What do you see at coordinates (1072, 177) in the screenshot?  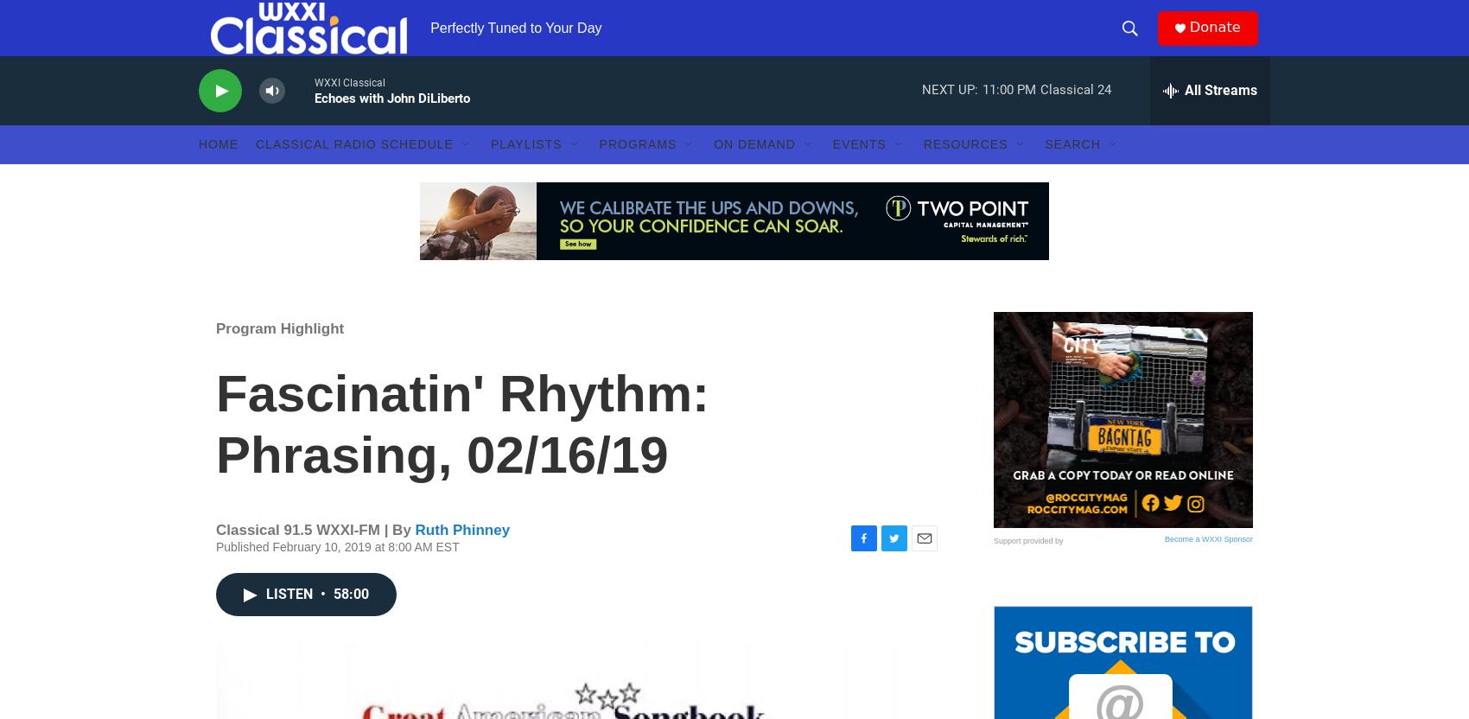 I see `'Search'` at bounding box center [1072, 177].